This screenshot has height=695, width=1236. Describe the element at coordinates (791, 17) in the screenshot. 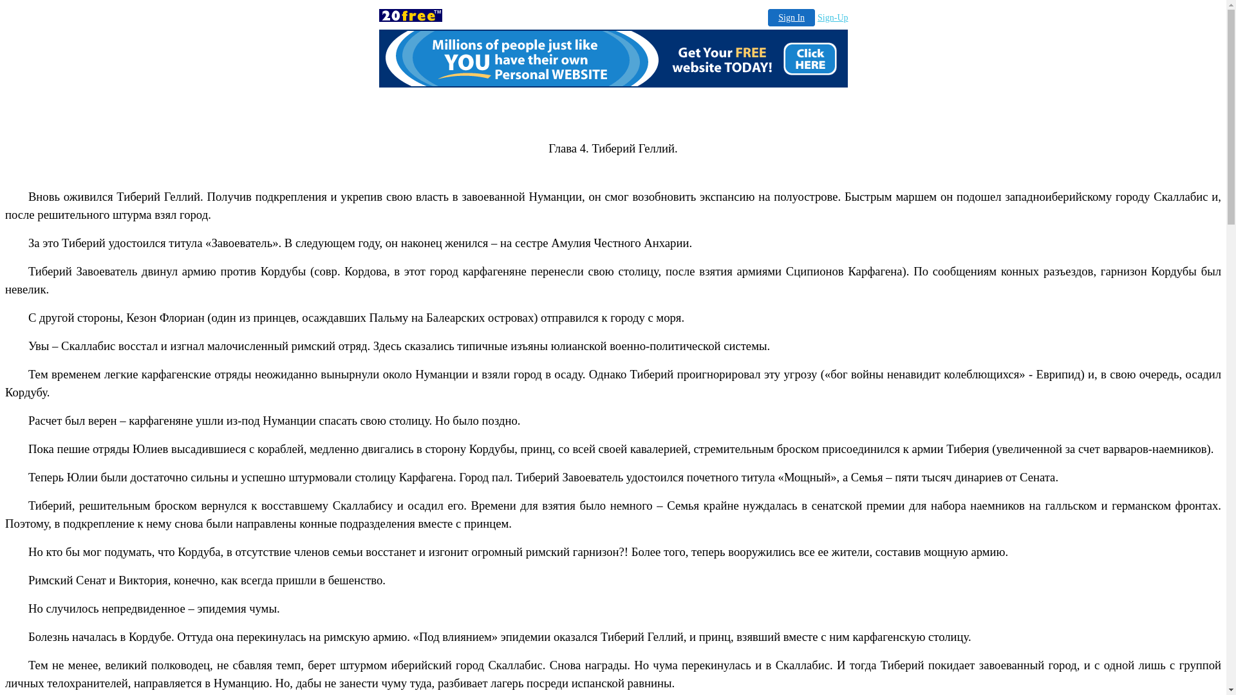

I see `'Sign In'` at that location.